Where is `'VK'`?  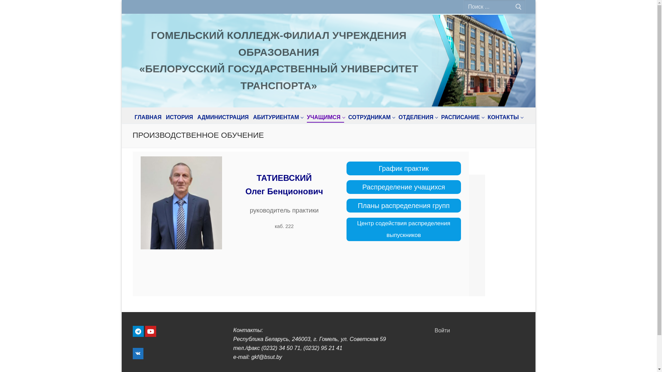
'VK' is located at coordinates (138, 353).